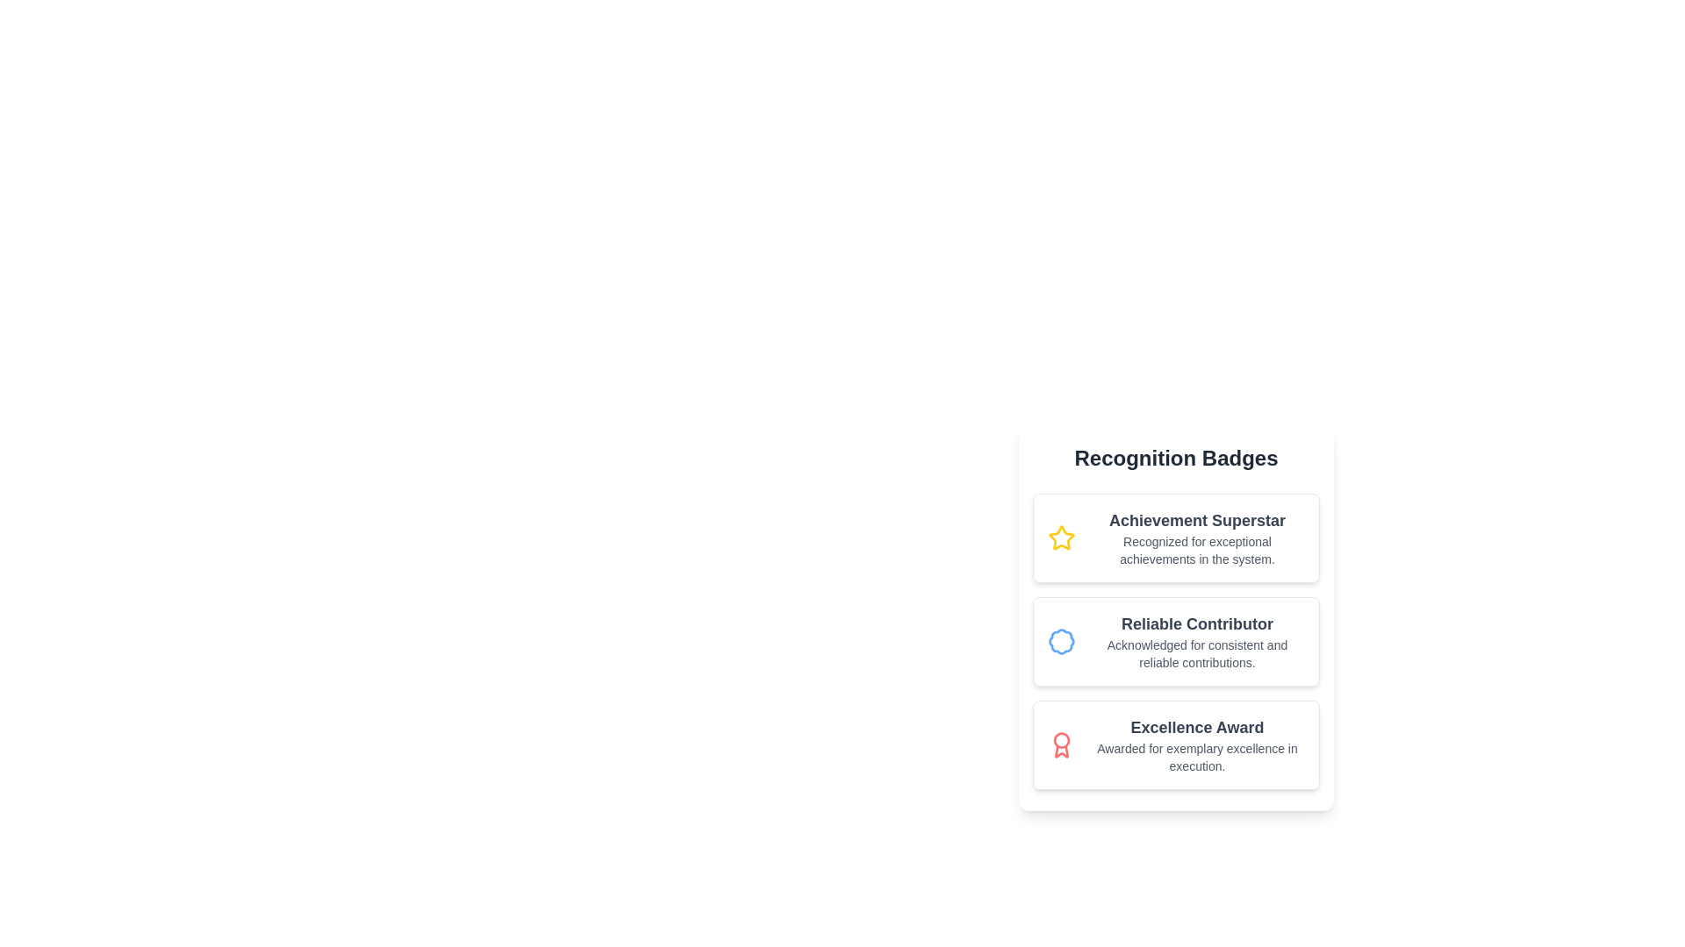 This screenshot has width=1685, height=947. What do you see at coordinates (1176, 537) in the screenshot?
I see `the first recognition badge card that displays a notable achievement, located at the top of the right column, above the 'Reliable Contributor' and 'Excellence Award' badges` at bounding box center [1176, 537].